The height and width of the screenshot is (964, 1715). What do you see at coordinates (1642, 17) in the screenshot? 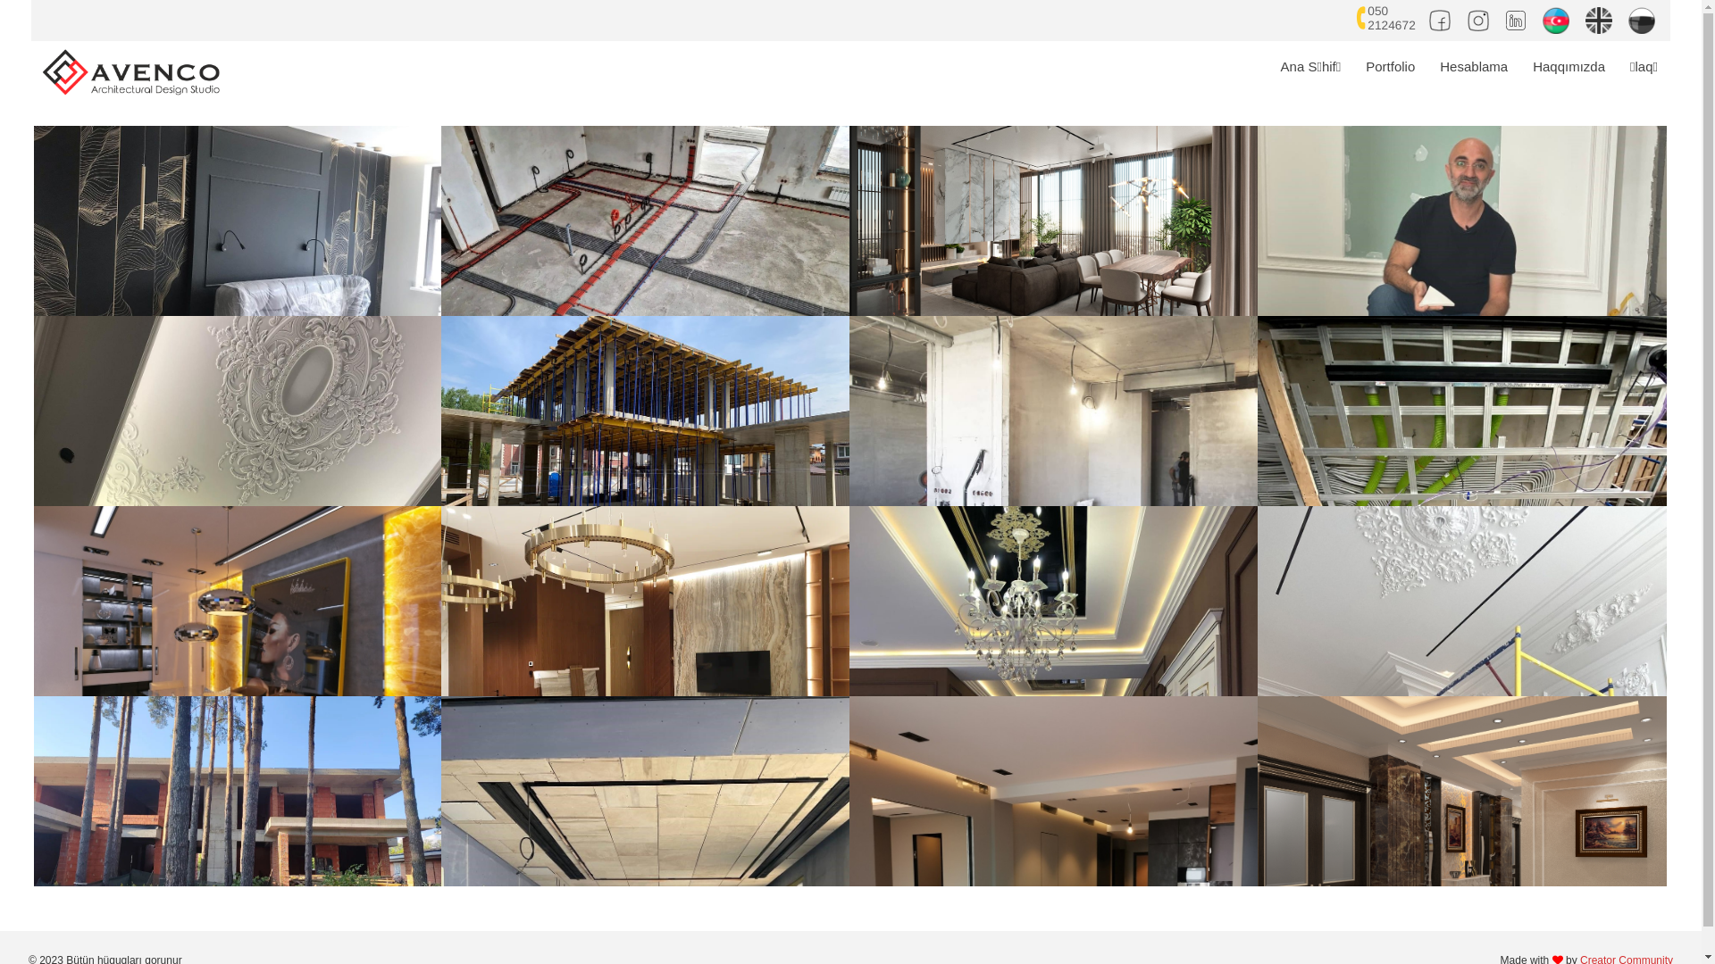
I see `'Lang-Russian'` at bounding box center [1642, 17].